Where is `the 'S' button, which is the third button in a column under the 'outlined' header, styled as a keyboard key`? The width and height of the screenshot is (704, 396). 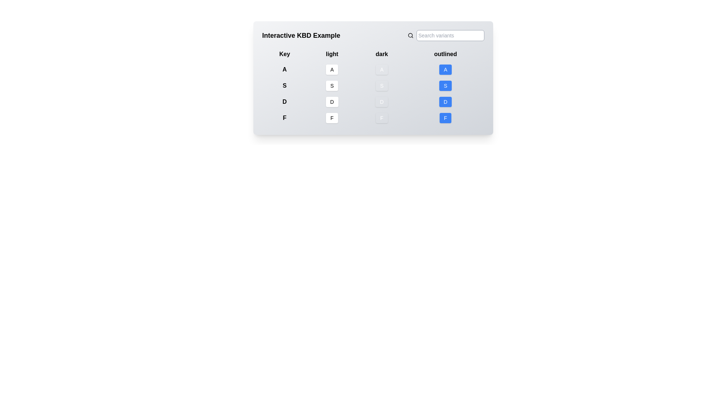 the 'S' button, which is the third button in a column under the 'outlined' header, styled as a keyboard key is located at coordinates (445, 85).